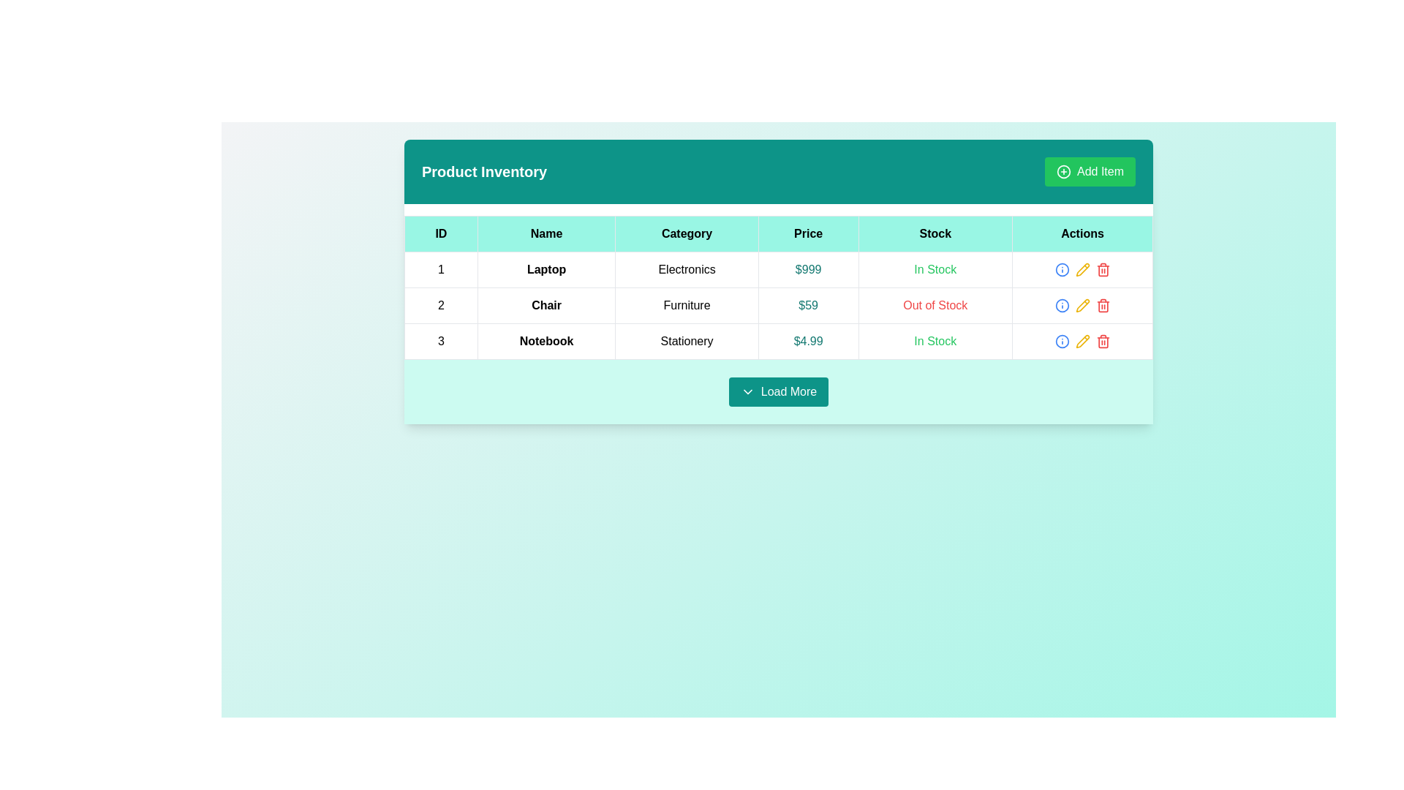 Image resolution: width=1404 pixels, height=790 pixels. What do you see at coordinates (935, 341) in the screenshot?
I see `the 'In Stock' text label which indicates availability for the fifth item in the 'Notebook' row of the 'Stock' column` at bounding box center [935, 341].